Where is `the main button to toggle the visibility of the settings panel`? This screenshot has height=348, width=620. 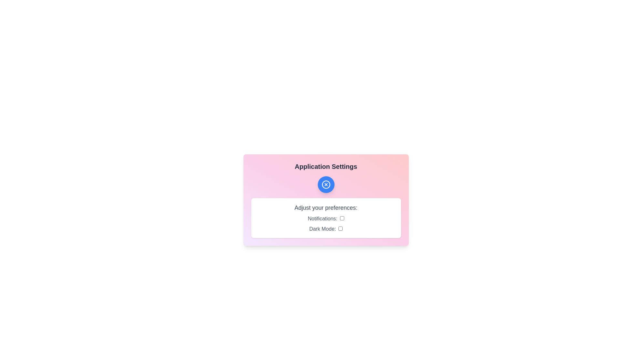
the main button to toggle the visibility of the settings panel is located at coordinates (326, 185).